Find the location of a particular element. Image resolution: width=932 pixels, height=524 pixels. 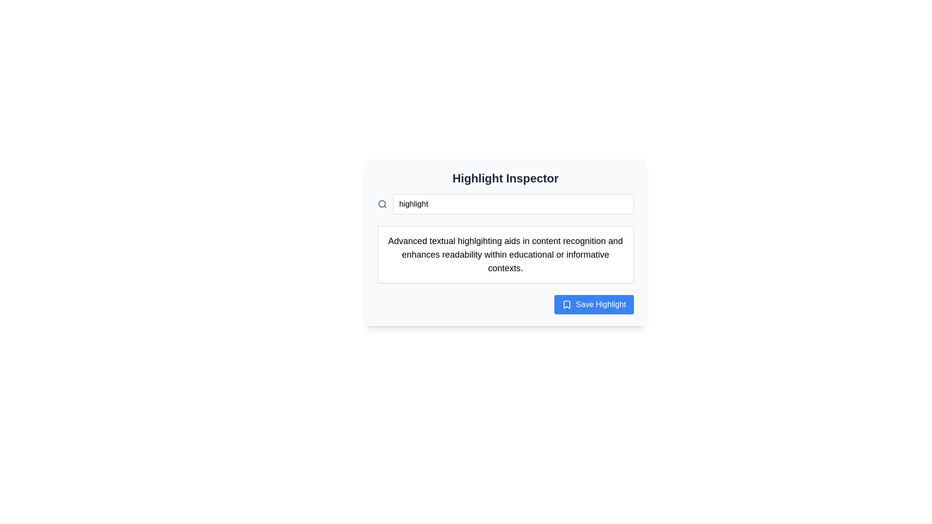

the 'Save Highlight' button located in the bottom-right corner of the interface panel is located at coordinates (566, 304).